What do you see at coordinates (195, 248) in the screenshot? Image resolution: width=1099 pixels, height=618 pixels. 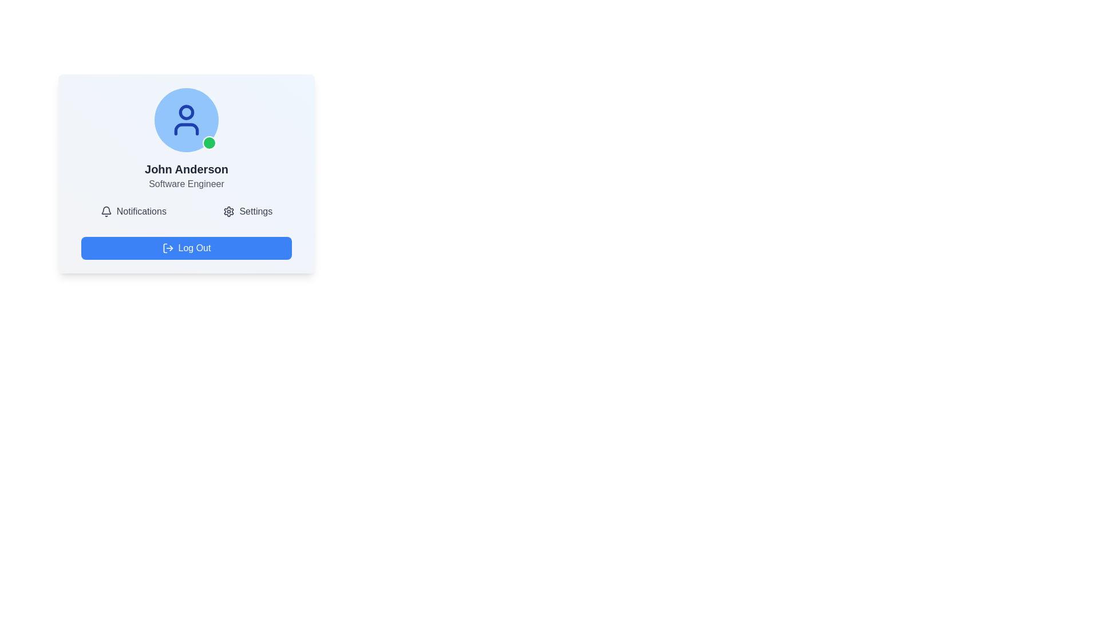 I see `the logout text label within the blue button that signifies a logout action, located near the bottom of the interface` at bounding box center [195, 248].